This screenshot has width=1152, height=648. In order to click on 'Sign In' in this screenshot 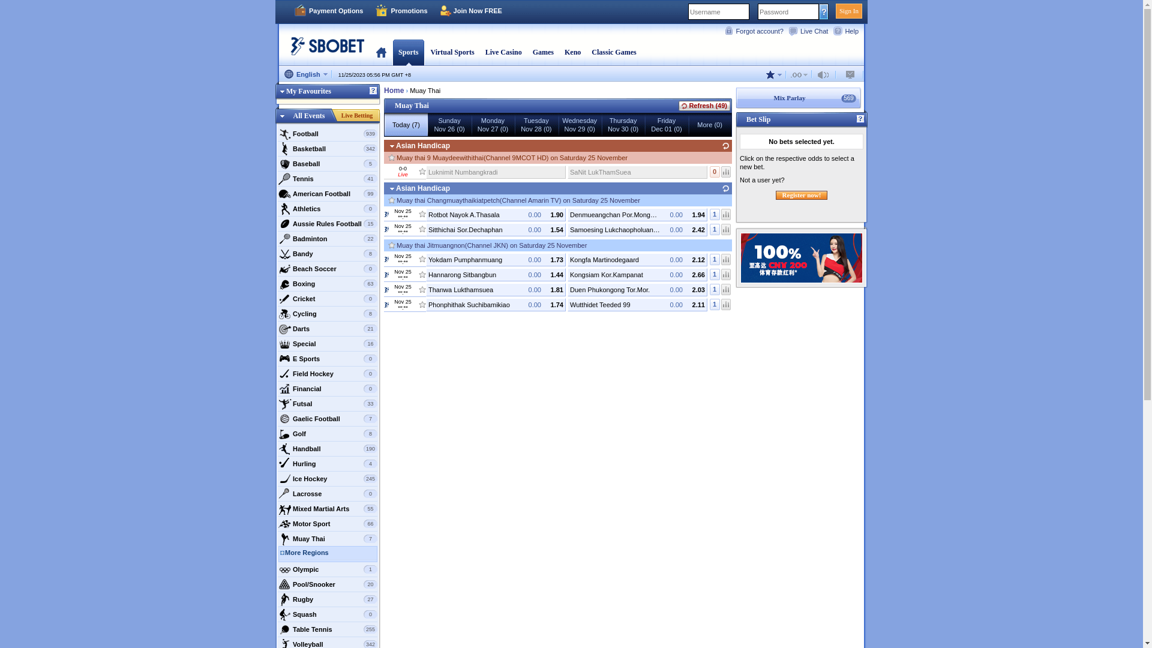, I will do `click(848, 11)`.